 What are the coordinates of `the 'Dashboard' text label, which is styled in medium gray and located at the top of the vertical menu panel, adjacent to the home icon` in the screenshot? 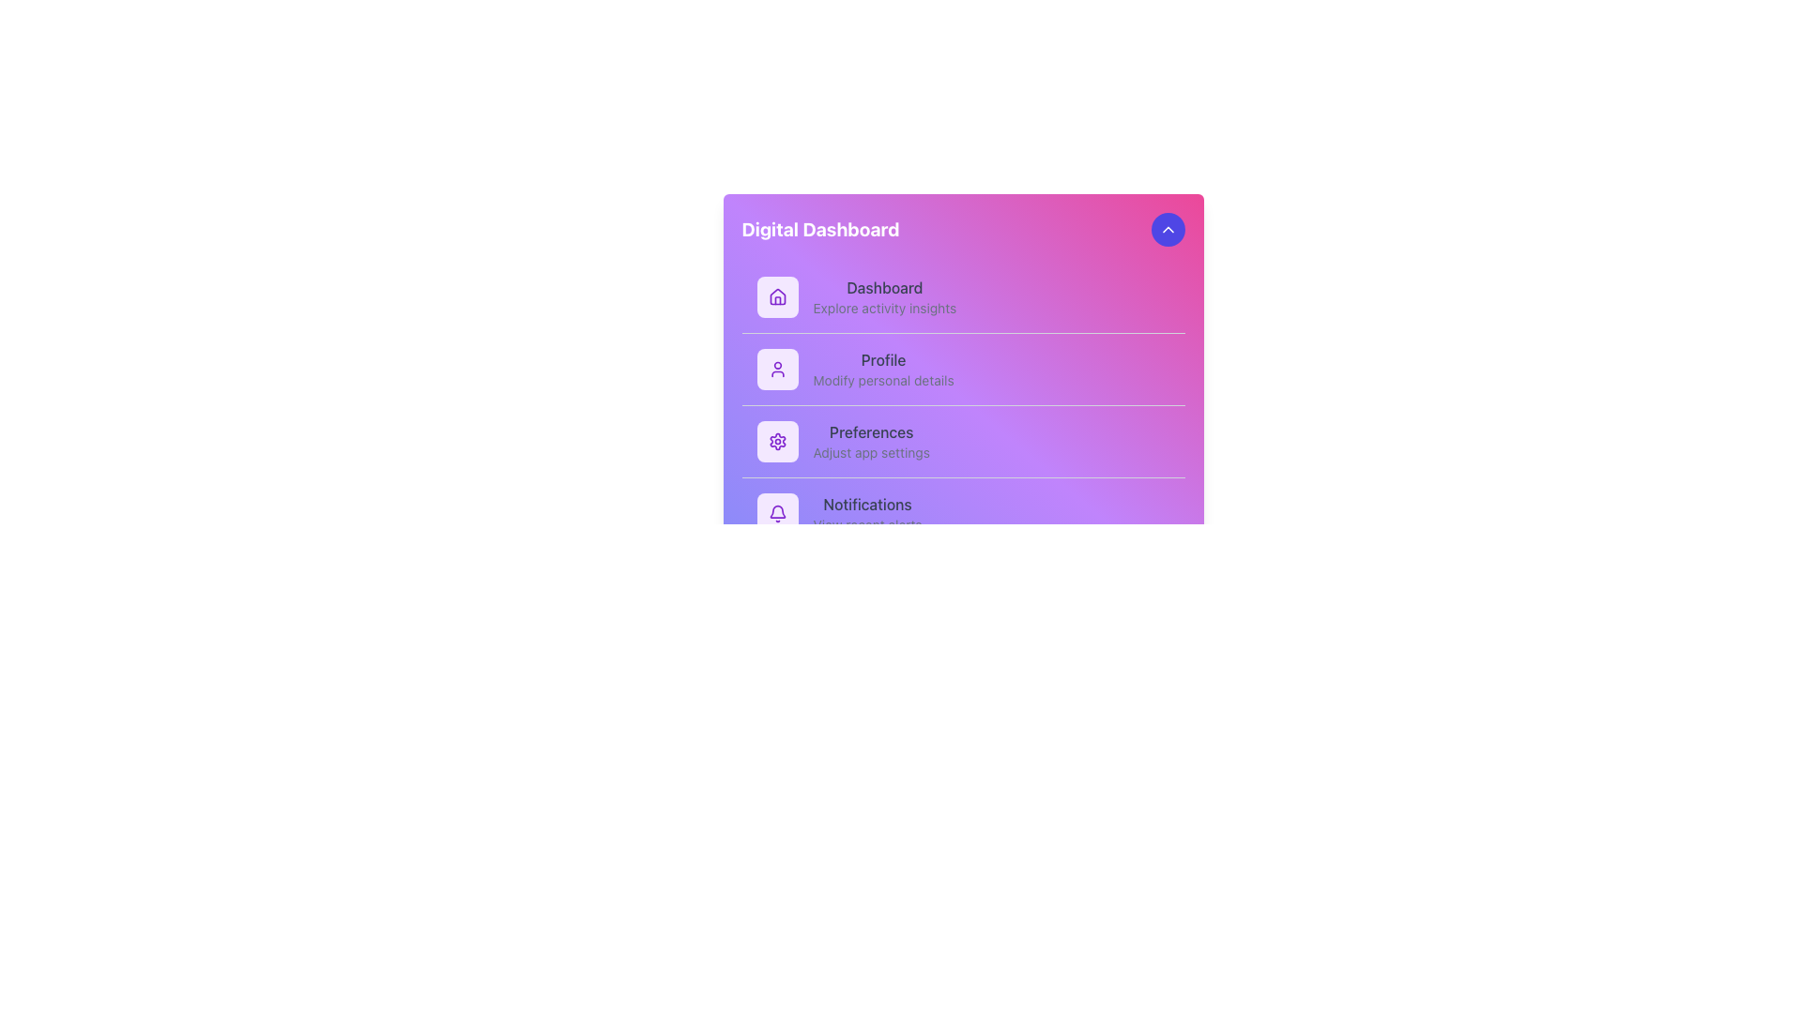 It's located at (883, 288).